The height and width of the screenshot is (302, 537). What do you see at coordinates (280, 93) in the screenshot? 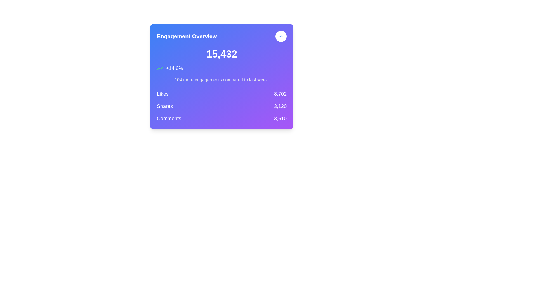
I see `the 'Likes' count text displaying '8,702', which is positioned to the right of the 'Likes' label and aligns with other numerical values for Shares and Comments` at bounding box center [280, 93].